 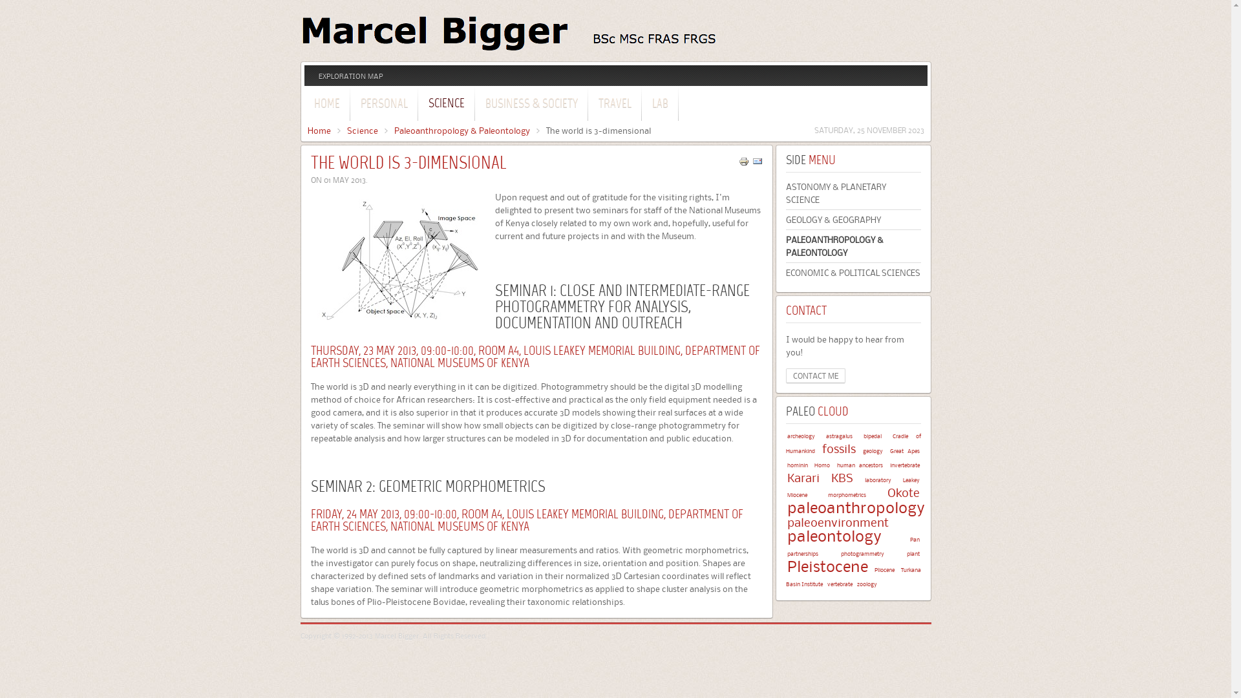 What do you see at coordinates (803, 478) in the screenshot?
I see `'Karari'` at bounding box center [803, 478].